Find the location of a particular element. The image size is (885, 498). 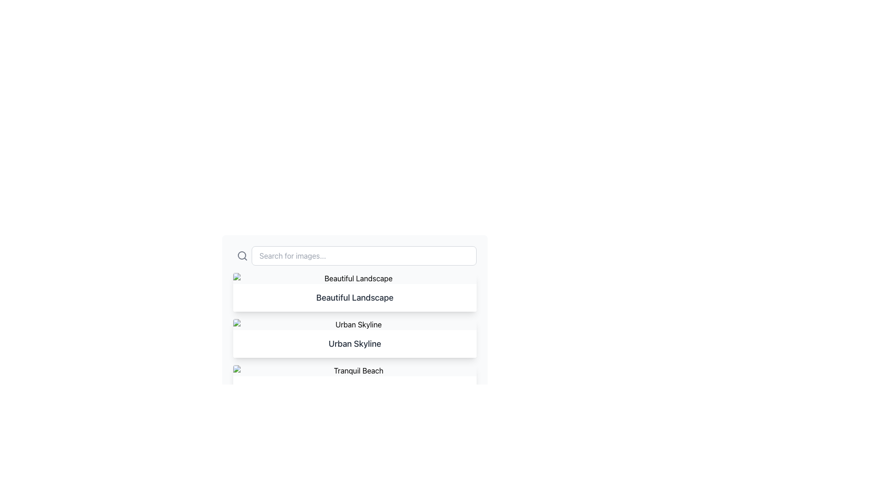

on the List Item Title for 'Beautiful Landscape' is located at coordinates (354, 304).